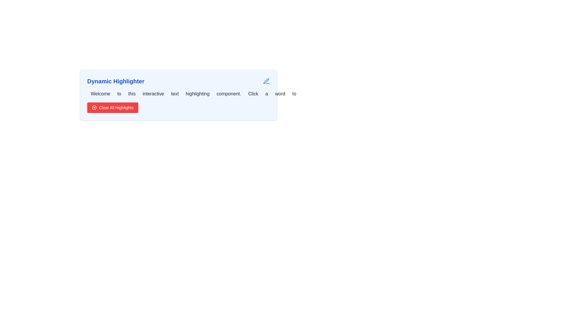 The width and height of the screenshot is (564, 317). What do you see at coordinates (100, 93) in the screenshot?
I see `the interactive highlightable text element located to the left of 'to' and above the 'Clear All Highlights' button` at bounding box center [100, 93].